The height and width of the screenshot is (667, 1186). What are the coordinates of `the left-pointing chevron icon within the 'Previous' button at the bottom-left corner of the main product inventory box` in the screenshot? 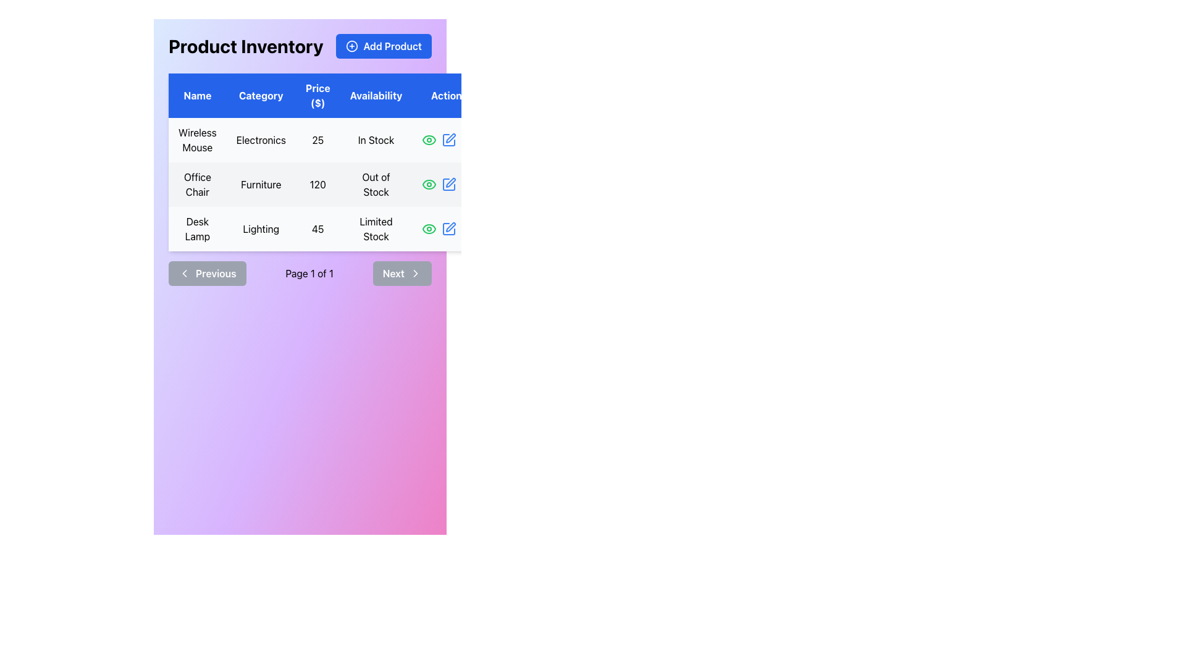 It's located at (183, 273).